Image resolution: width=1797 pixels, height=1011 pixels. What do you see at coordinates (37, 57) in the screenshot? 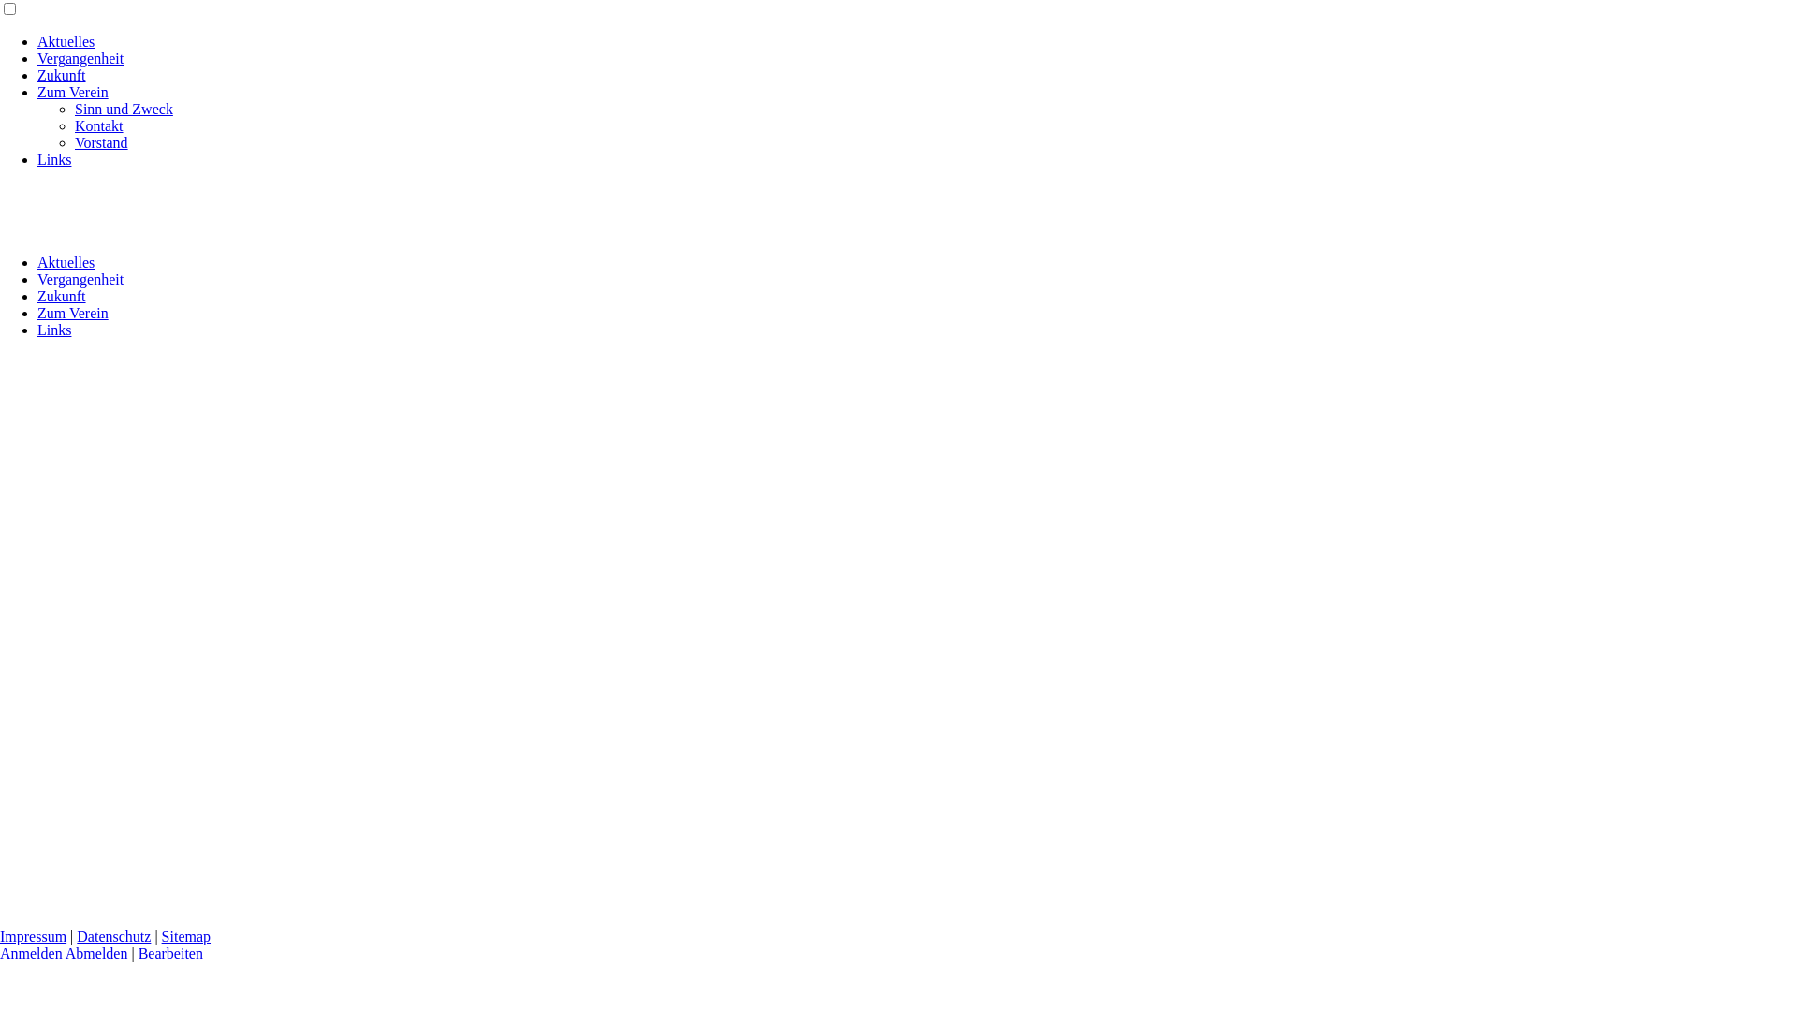
I see `'Vergangenheit'` at bounding box center [37, 57].